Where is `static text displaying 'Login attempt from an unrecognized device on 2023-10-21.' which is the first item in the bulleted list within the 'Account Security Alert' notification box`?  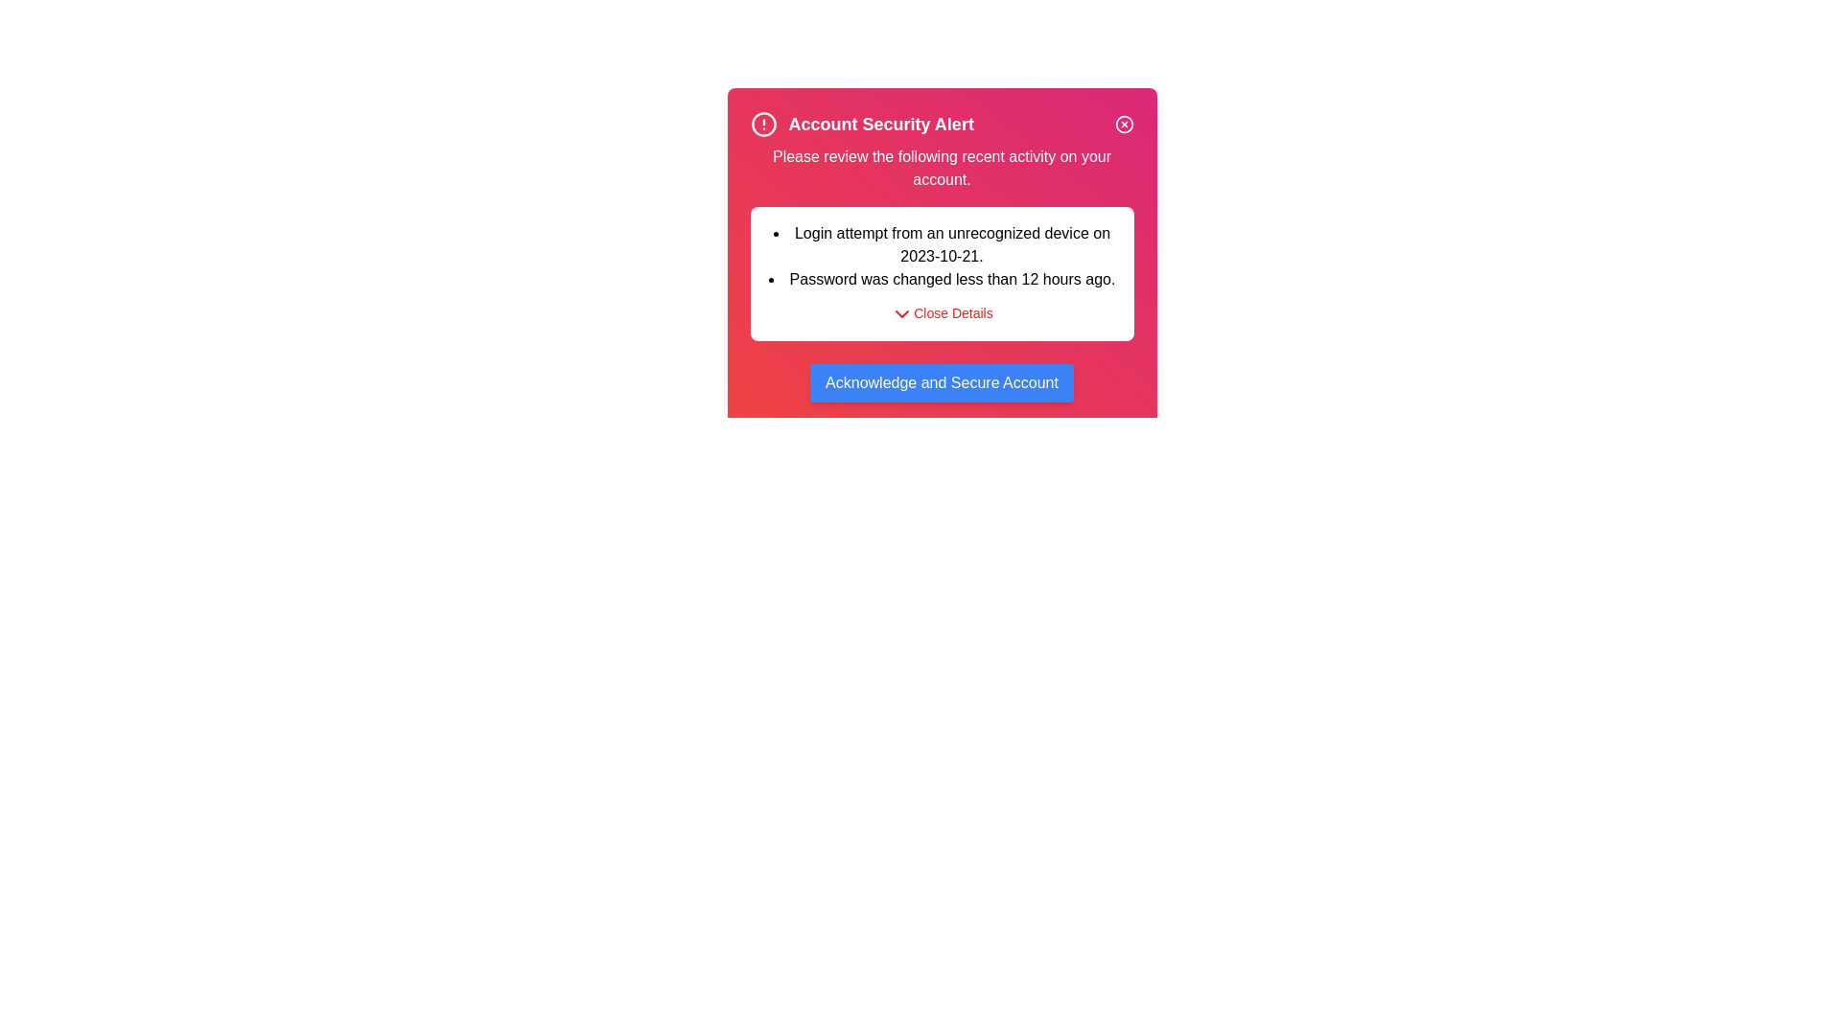
static text displaying 'Login attempt from an unrecognized device on 2023-10-21.' which is the first item in the bulleted list within the 'Account Security Alert' notification box is located at coordinates (942, 243).